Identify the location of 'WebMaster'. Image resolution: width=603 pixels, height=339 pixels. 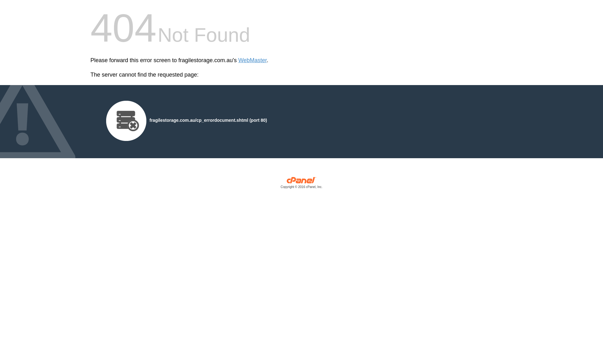
(253, 60).